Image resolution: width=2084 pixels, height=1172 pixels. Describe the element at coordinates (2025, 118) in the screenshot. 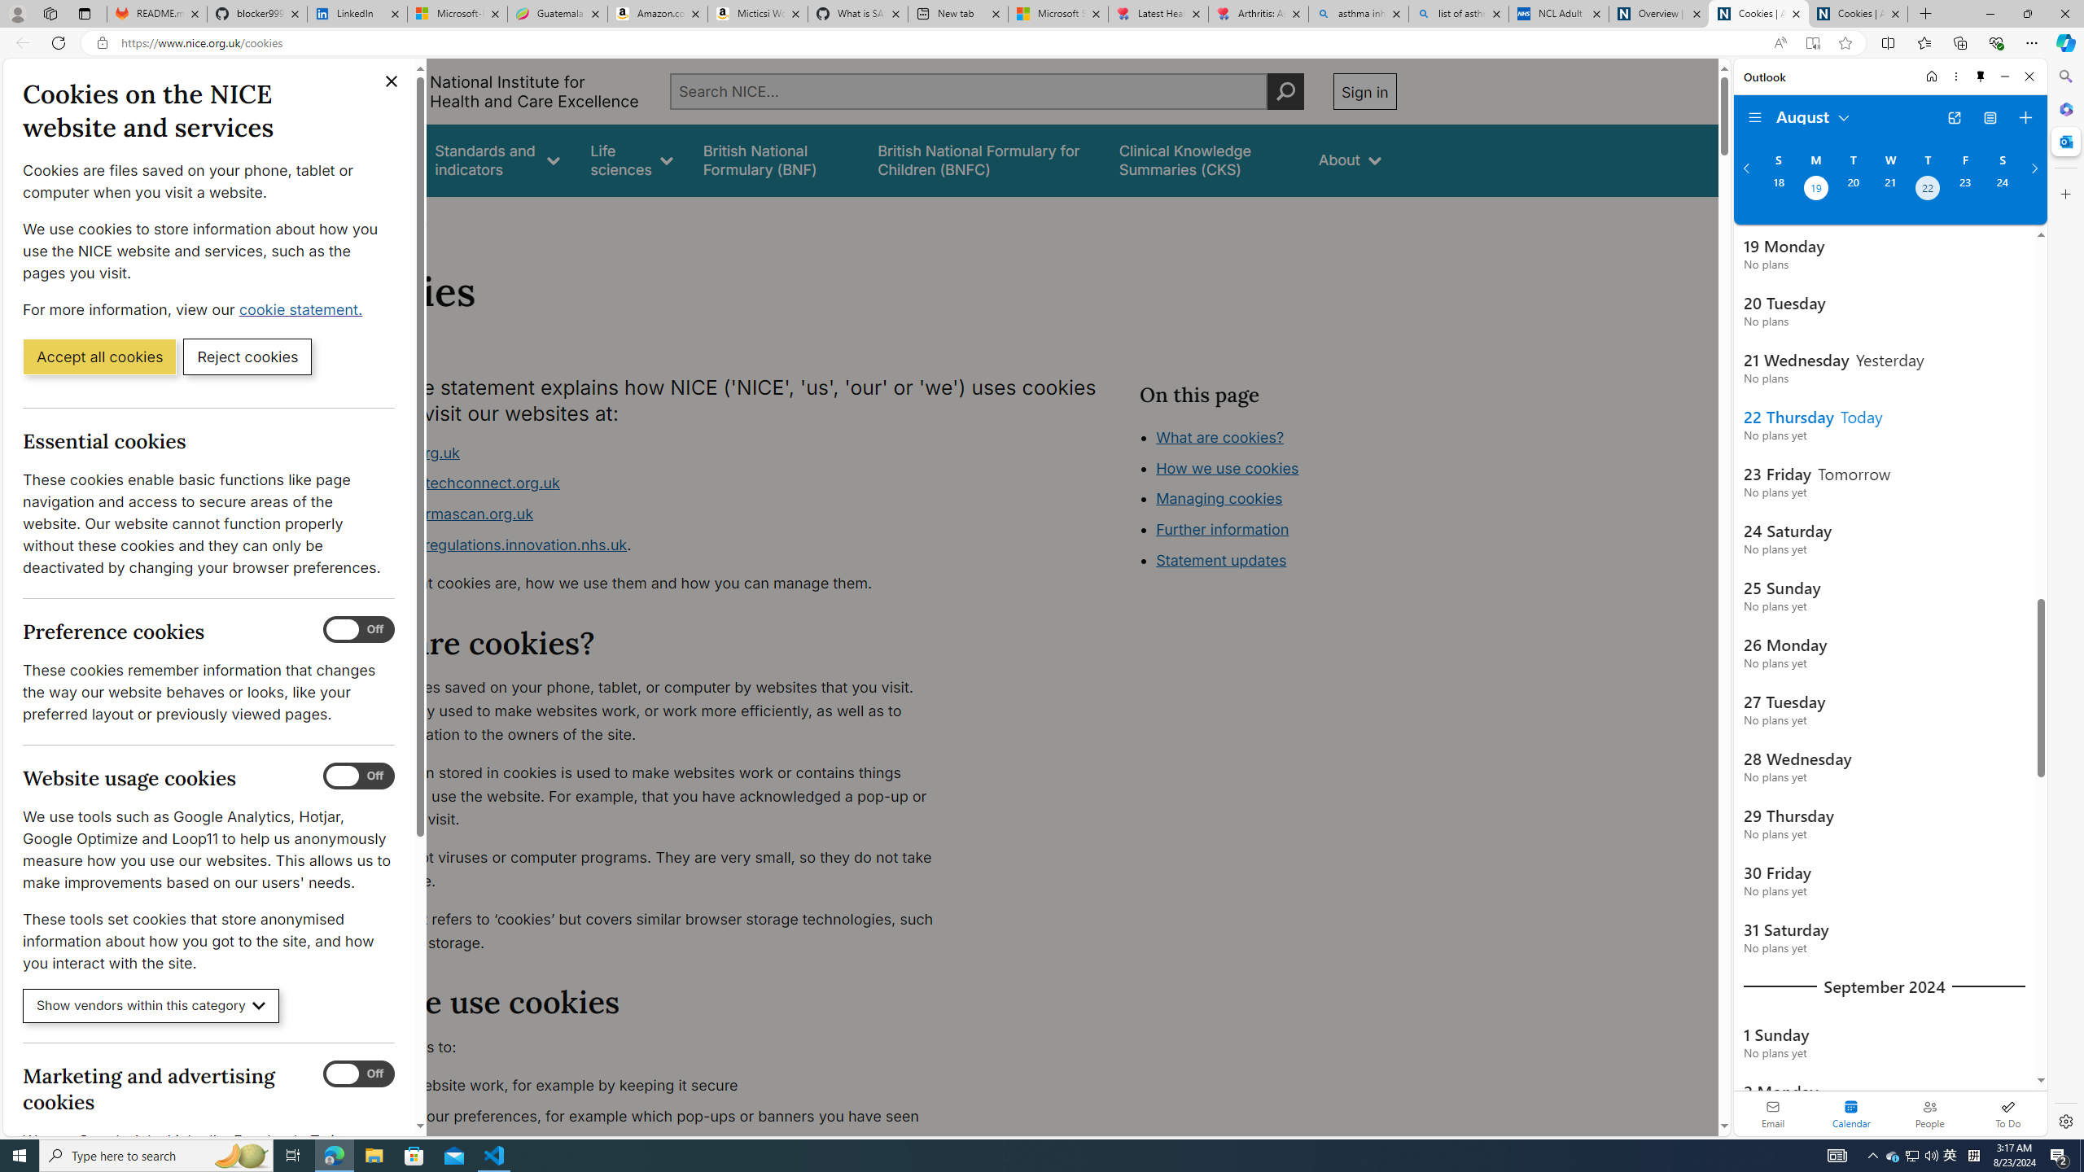

I see `'Create event'` at that location.